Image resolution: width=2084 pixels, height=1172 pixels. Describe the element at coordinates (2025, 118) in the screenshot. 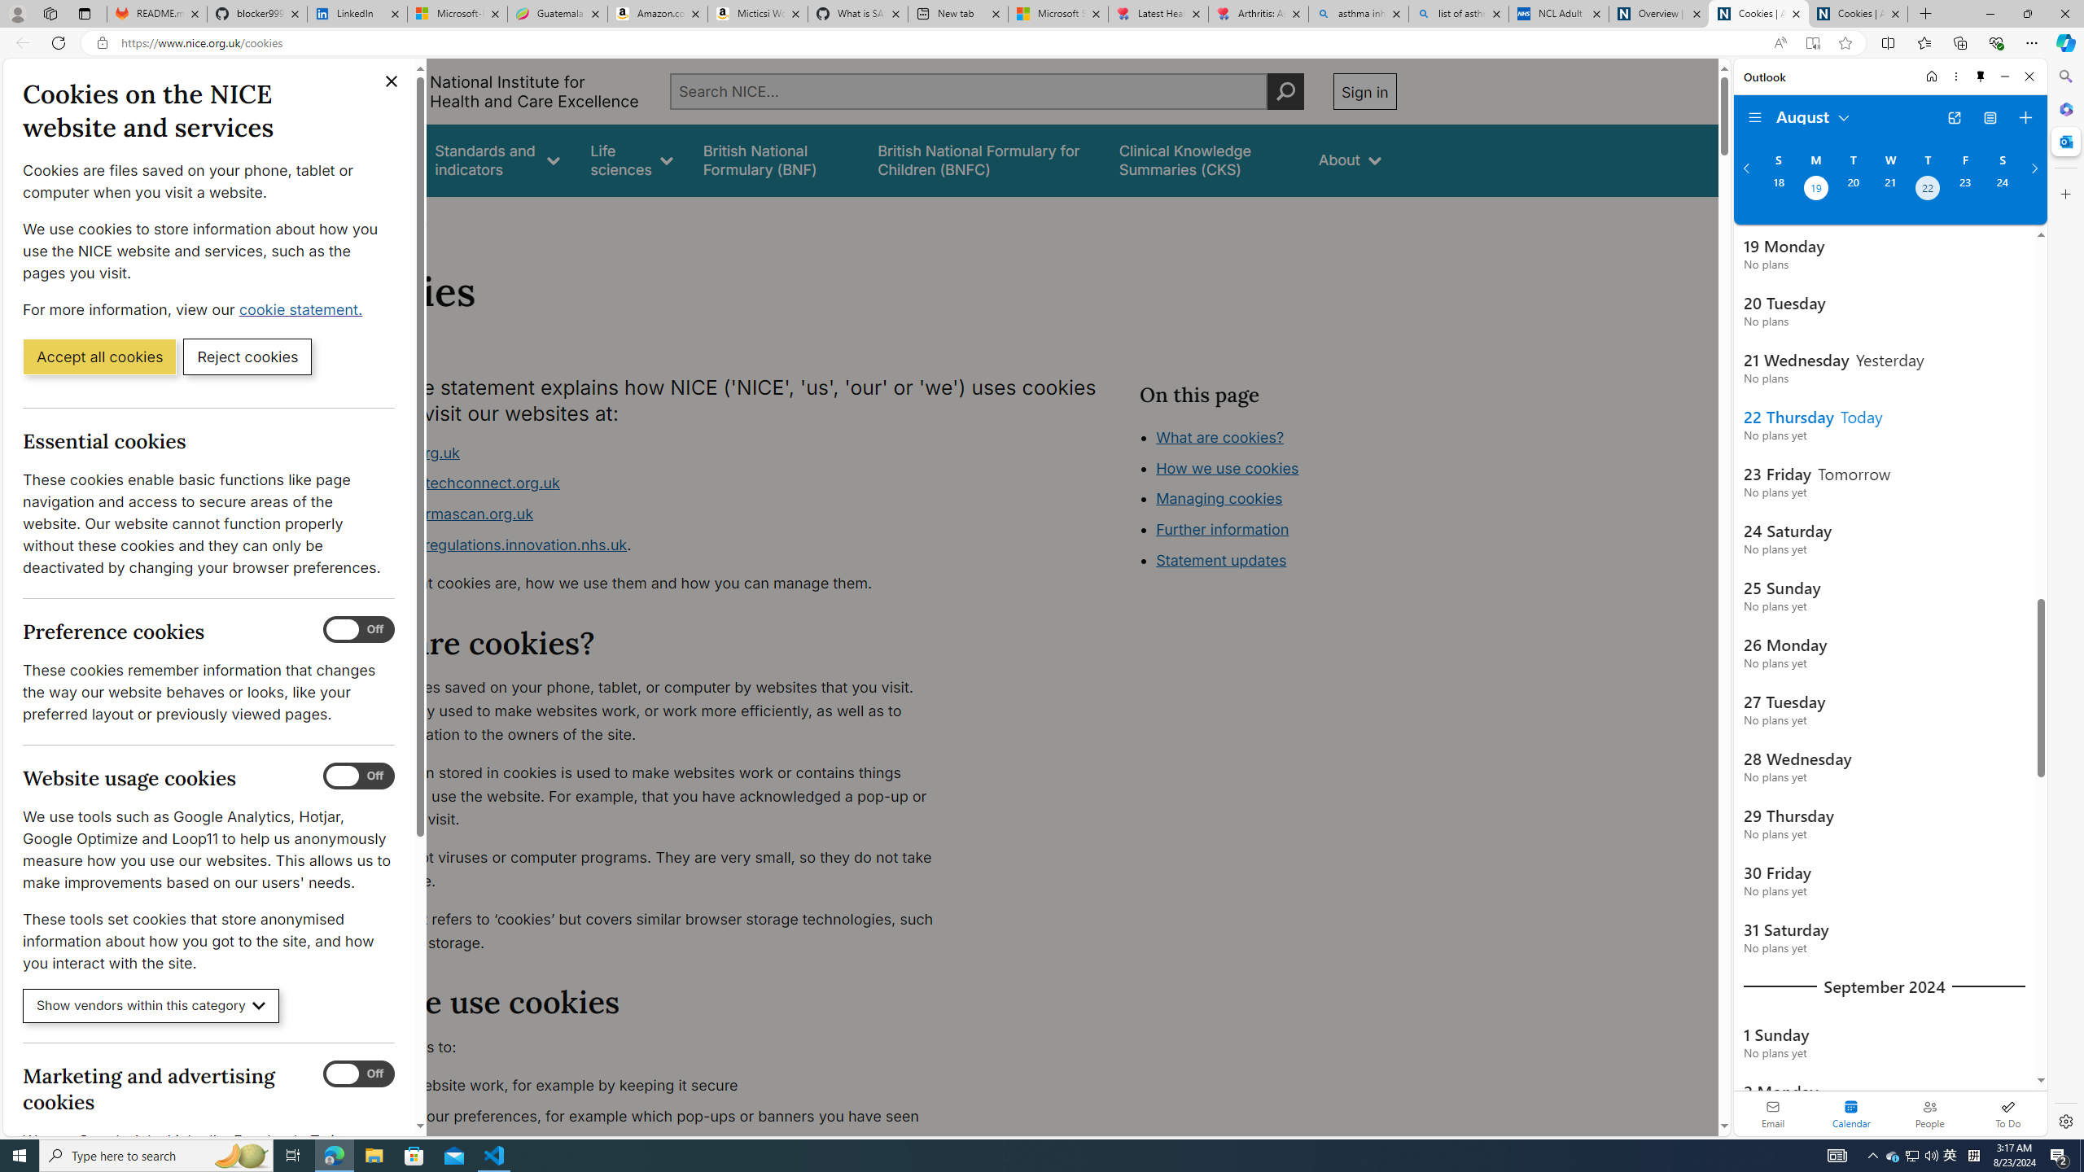

I see `'Create event'` at that location.